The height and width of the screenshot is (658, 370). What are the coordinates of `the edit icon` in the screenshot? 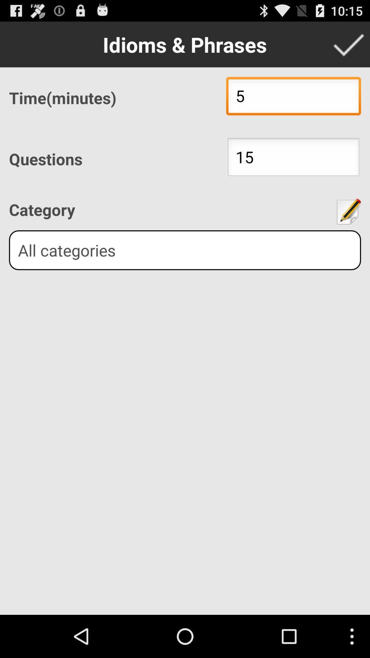 It's located at (347, 227).